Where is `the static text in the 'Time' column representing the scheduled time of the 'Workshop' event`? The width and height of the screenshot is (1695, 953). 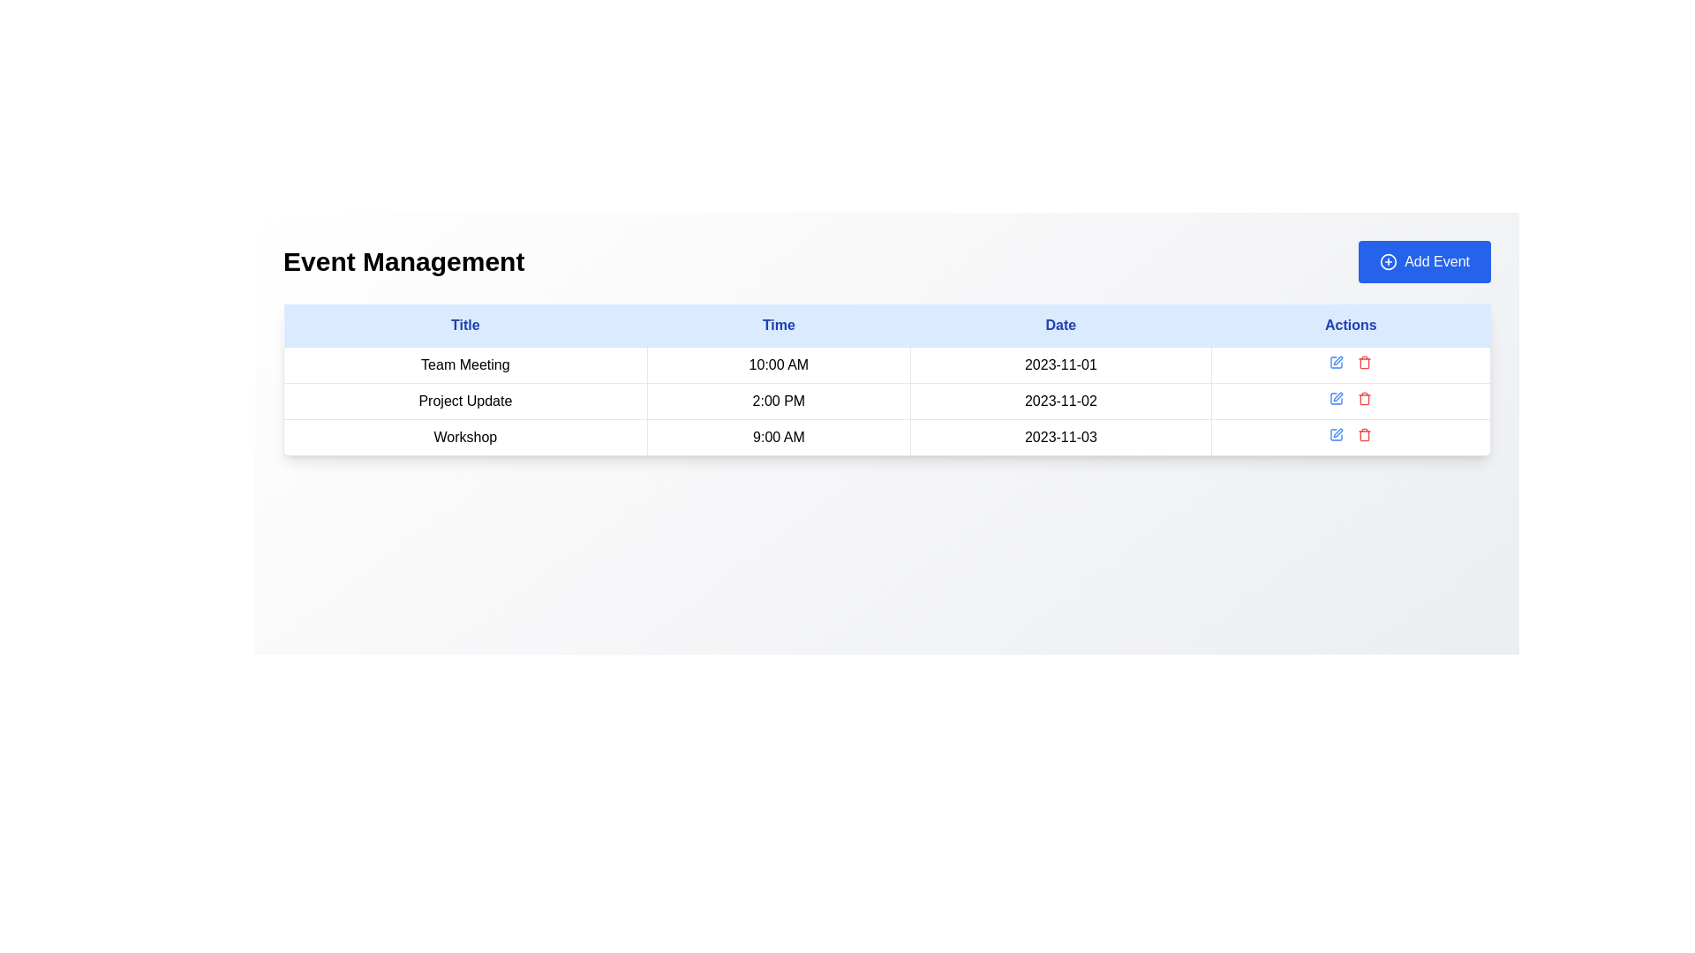
the static text in the 'Time' column representing the scheduled time of the 'Workshop' event is located at coordinates (778, 437).